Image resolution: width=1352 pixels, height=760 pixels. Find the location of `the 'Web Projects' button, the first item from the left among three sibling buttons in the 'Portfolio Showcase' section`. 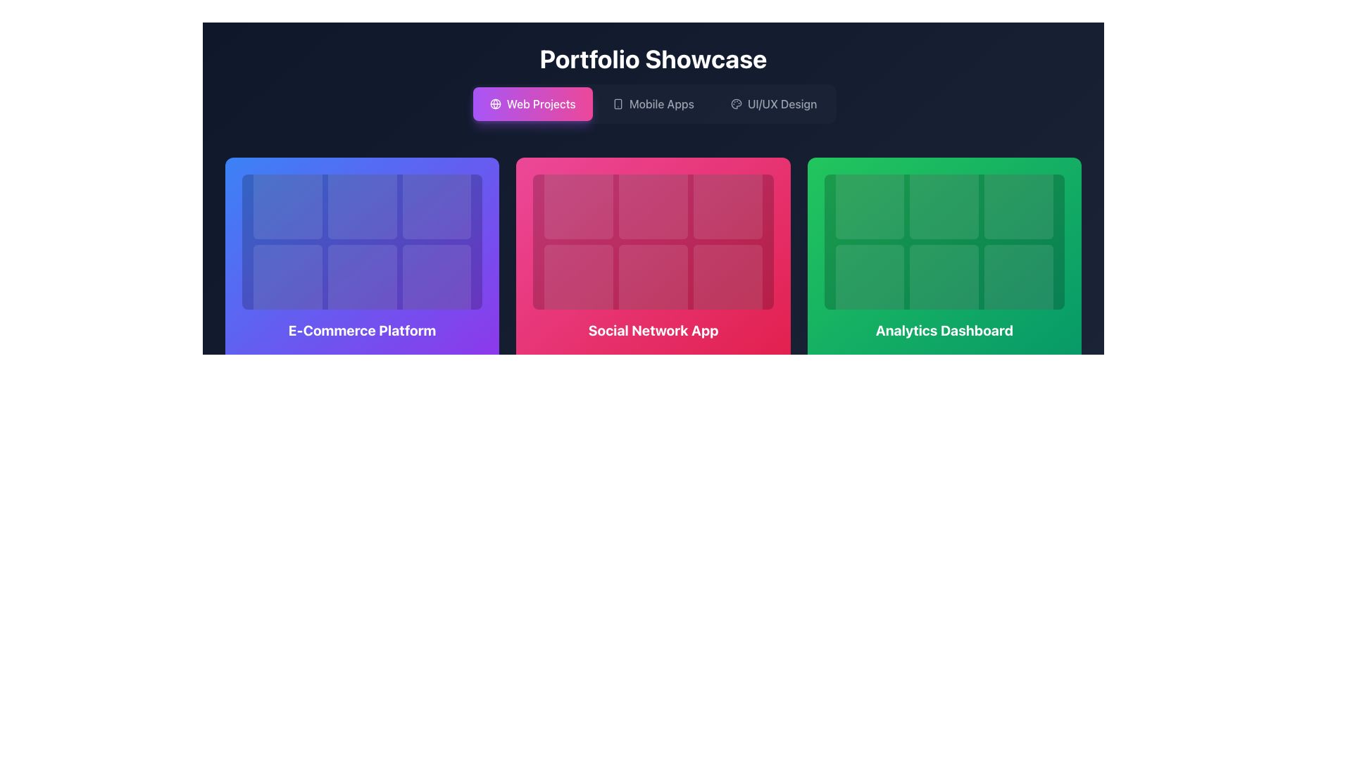

the 'Web Projects' button, the first item from the left among three sibling buttons in the 'Portfolio Showcase' section is located at coordinates (532, 103).